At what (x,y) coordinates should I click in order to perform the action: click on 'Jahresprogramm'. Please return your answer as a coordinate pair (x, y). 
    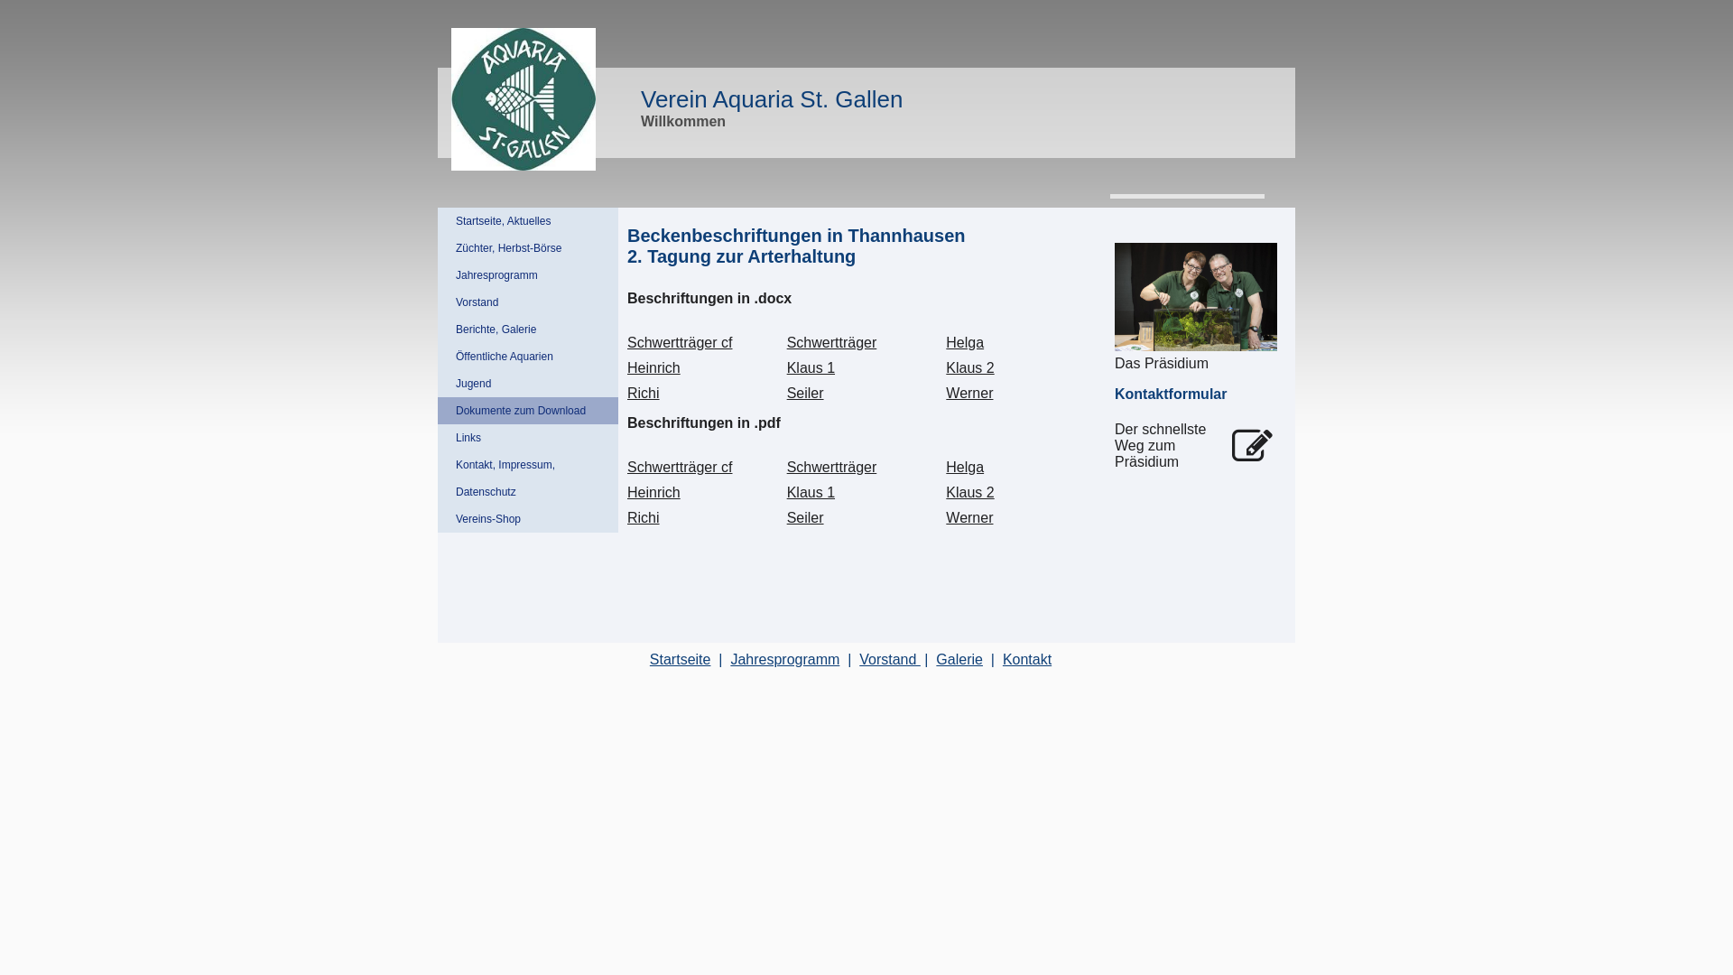
    Looking at the image, I should click on (784, 659).